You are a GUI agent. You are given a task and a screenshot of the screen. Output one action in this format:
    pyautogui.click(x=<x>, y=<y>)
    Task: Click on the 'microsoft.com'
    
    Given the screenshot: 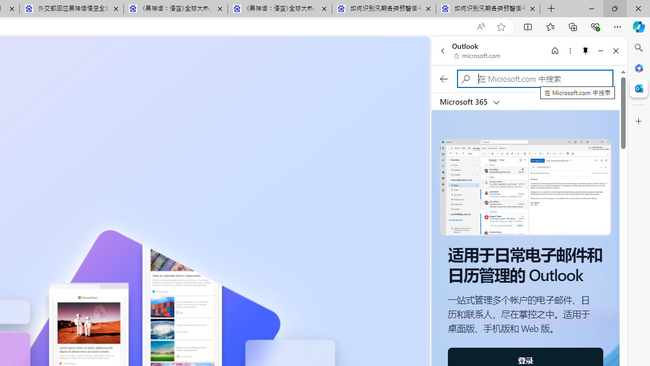 What is the action you would take?
    pyautogui.click(x=477, y=56)
    